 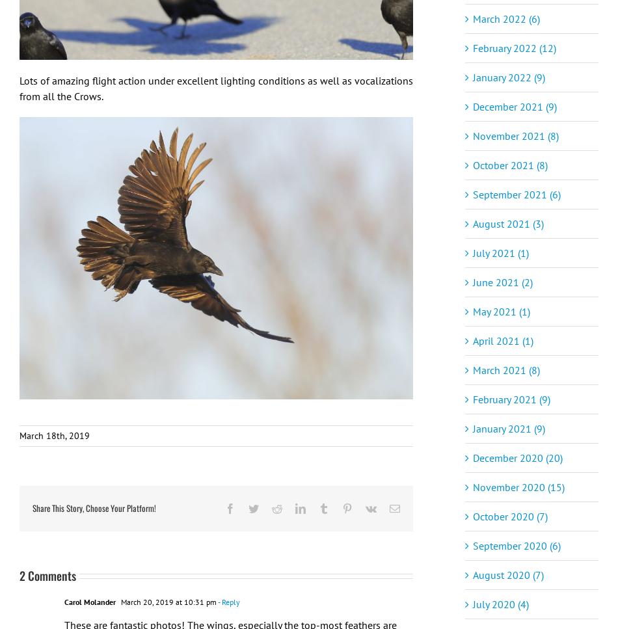 I want to click on 'Lots of amazing flight action under excellent lighting conditions as well as vocalizations from all the Crows.', so click(x=215, y=87).